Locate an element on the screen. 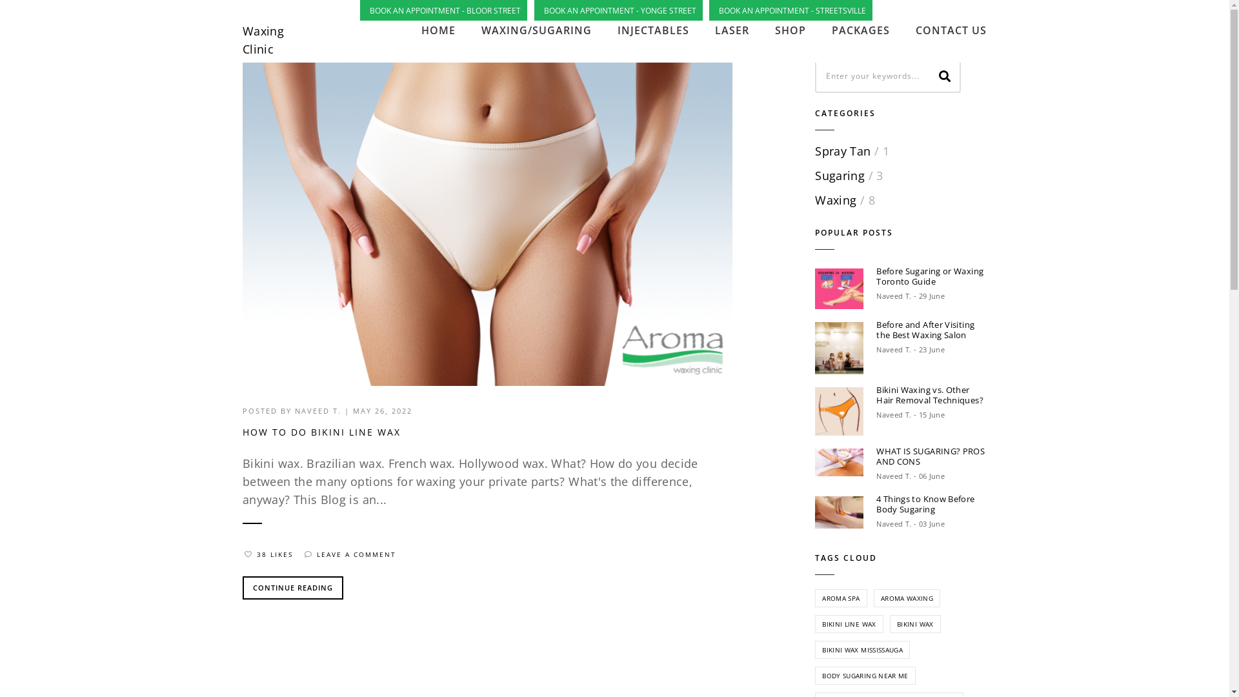  'CONTACT US' is located at coordinates (915, 30).